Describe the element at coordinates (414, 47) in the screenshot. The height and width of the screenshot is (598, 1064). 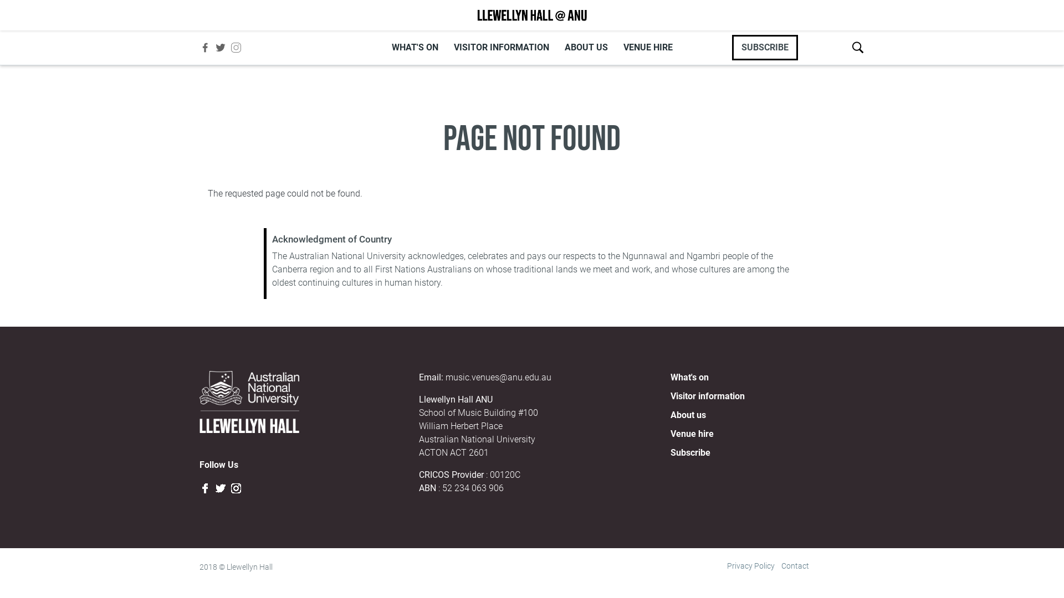
I see `'WHAT'S ON'` at that location.